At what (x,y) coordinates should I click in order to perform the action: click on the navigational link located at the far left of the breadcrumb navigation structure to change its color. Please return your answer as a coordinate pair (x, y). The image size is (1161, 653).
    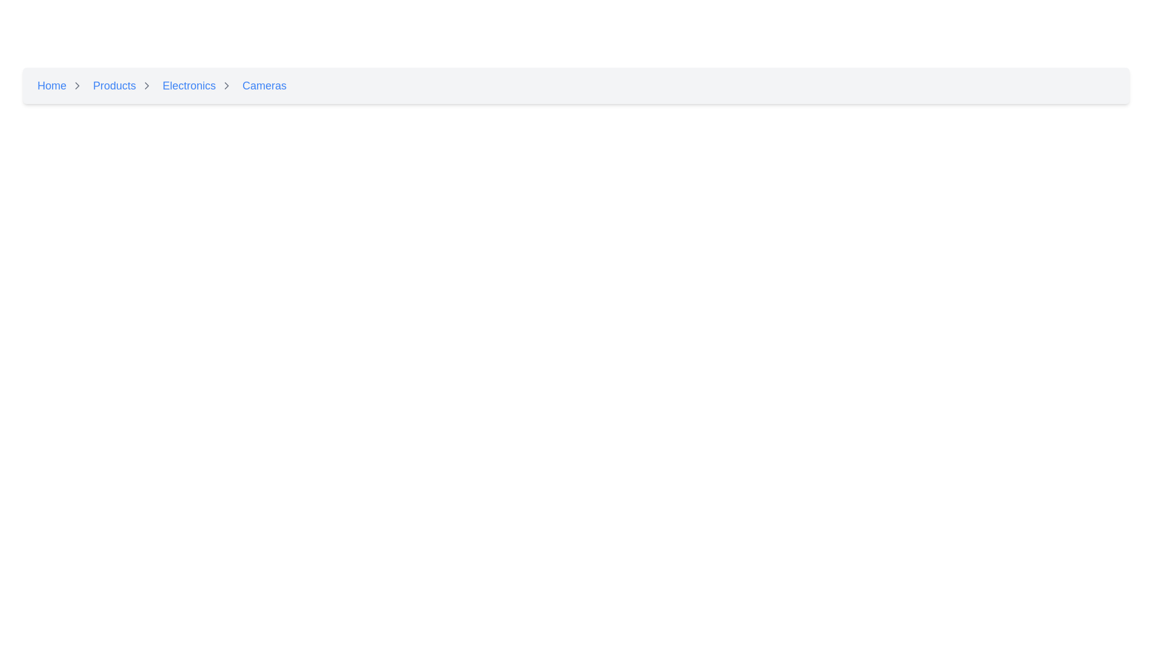
    Looking at the image, I should click on (51, 85).